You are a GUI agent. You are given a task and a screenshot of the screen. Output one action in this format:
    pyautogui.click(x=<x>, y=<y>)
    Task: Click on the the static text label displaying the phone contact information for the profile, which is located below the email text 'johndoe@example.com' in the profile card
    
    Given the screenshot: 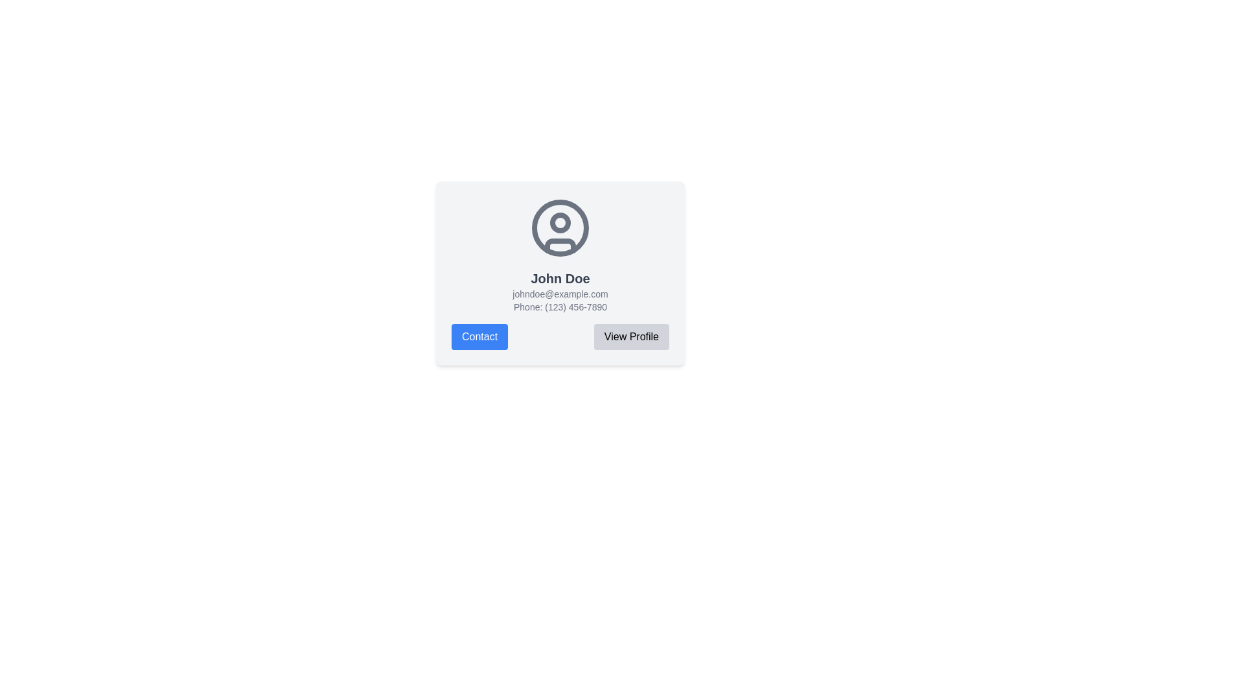 What is the action you would take?
    pyautogui.click(x=560, y=307)
    